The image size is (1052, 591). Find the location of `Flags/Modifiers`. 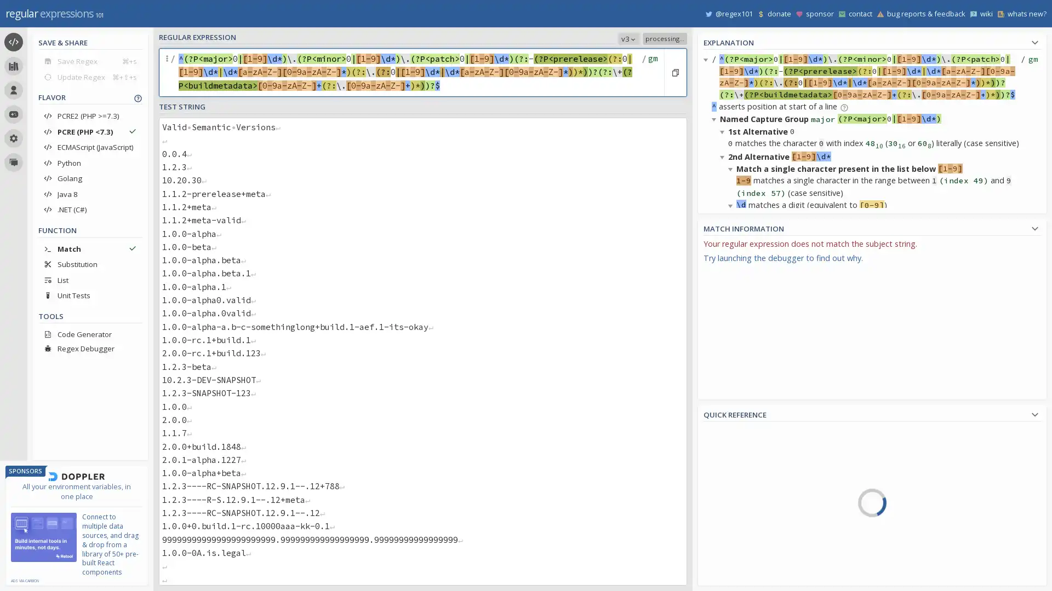

Flags/Modifiers is located at coordinates (754, 578).